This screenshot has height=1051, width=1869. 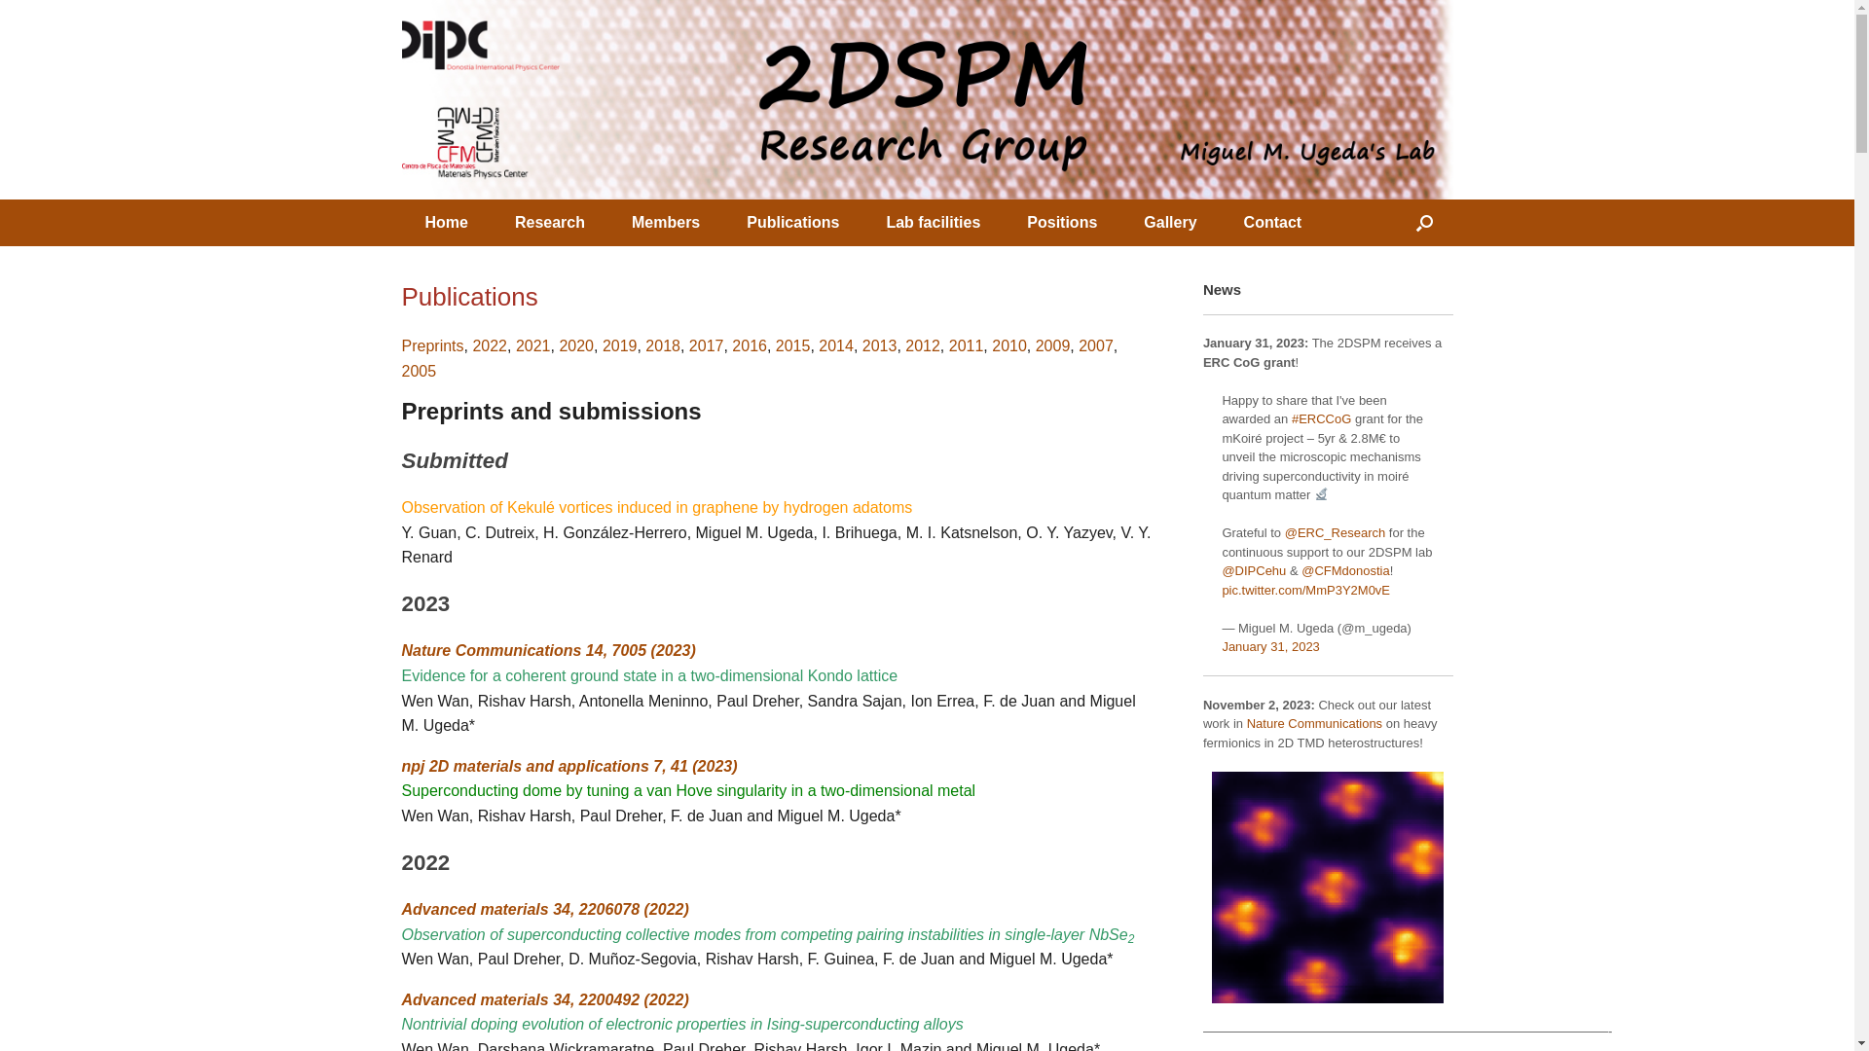 I want to click on 'Lab facilities', so click(x=932, y=221).